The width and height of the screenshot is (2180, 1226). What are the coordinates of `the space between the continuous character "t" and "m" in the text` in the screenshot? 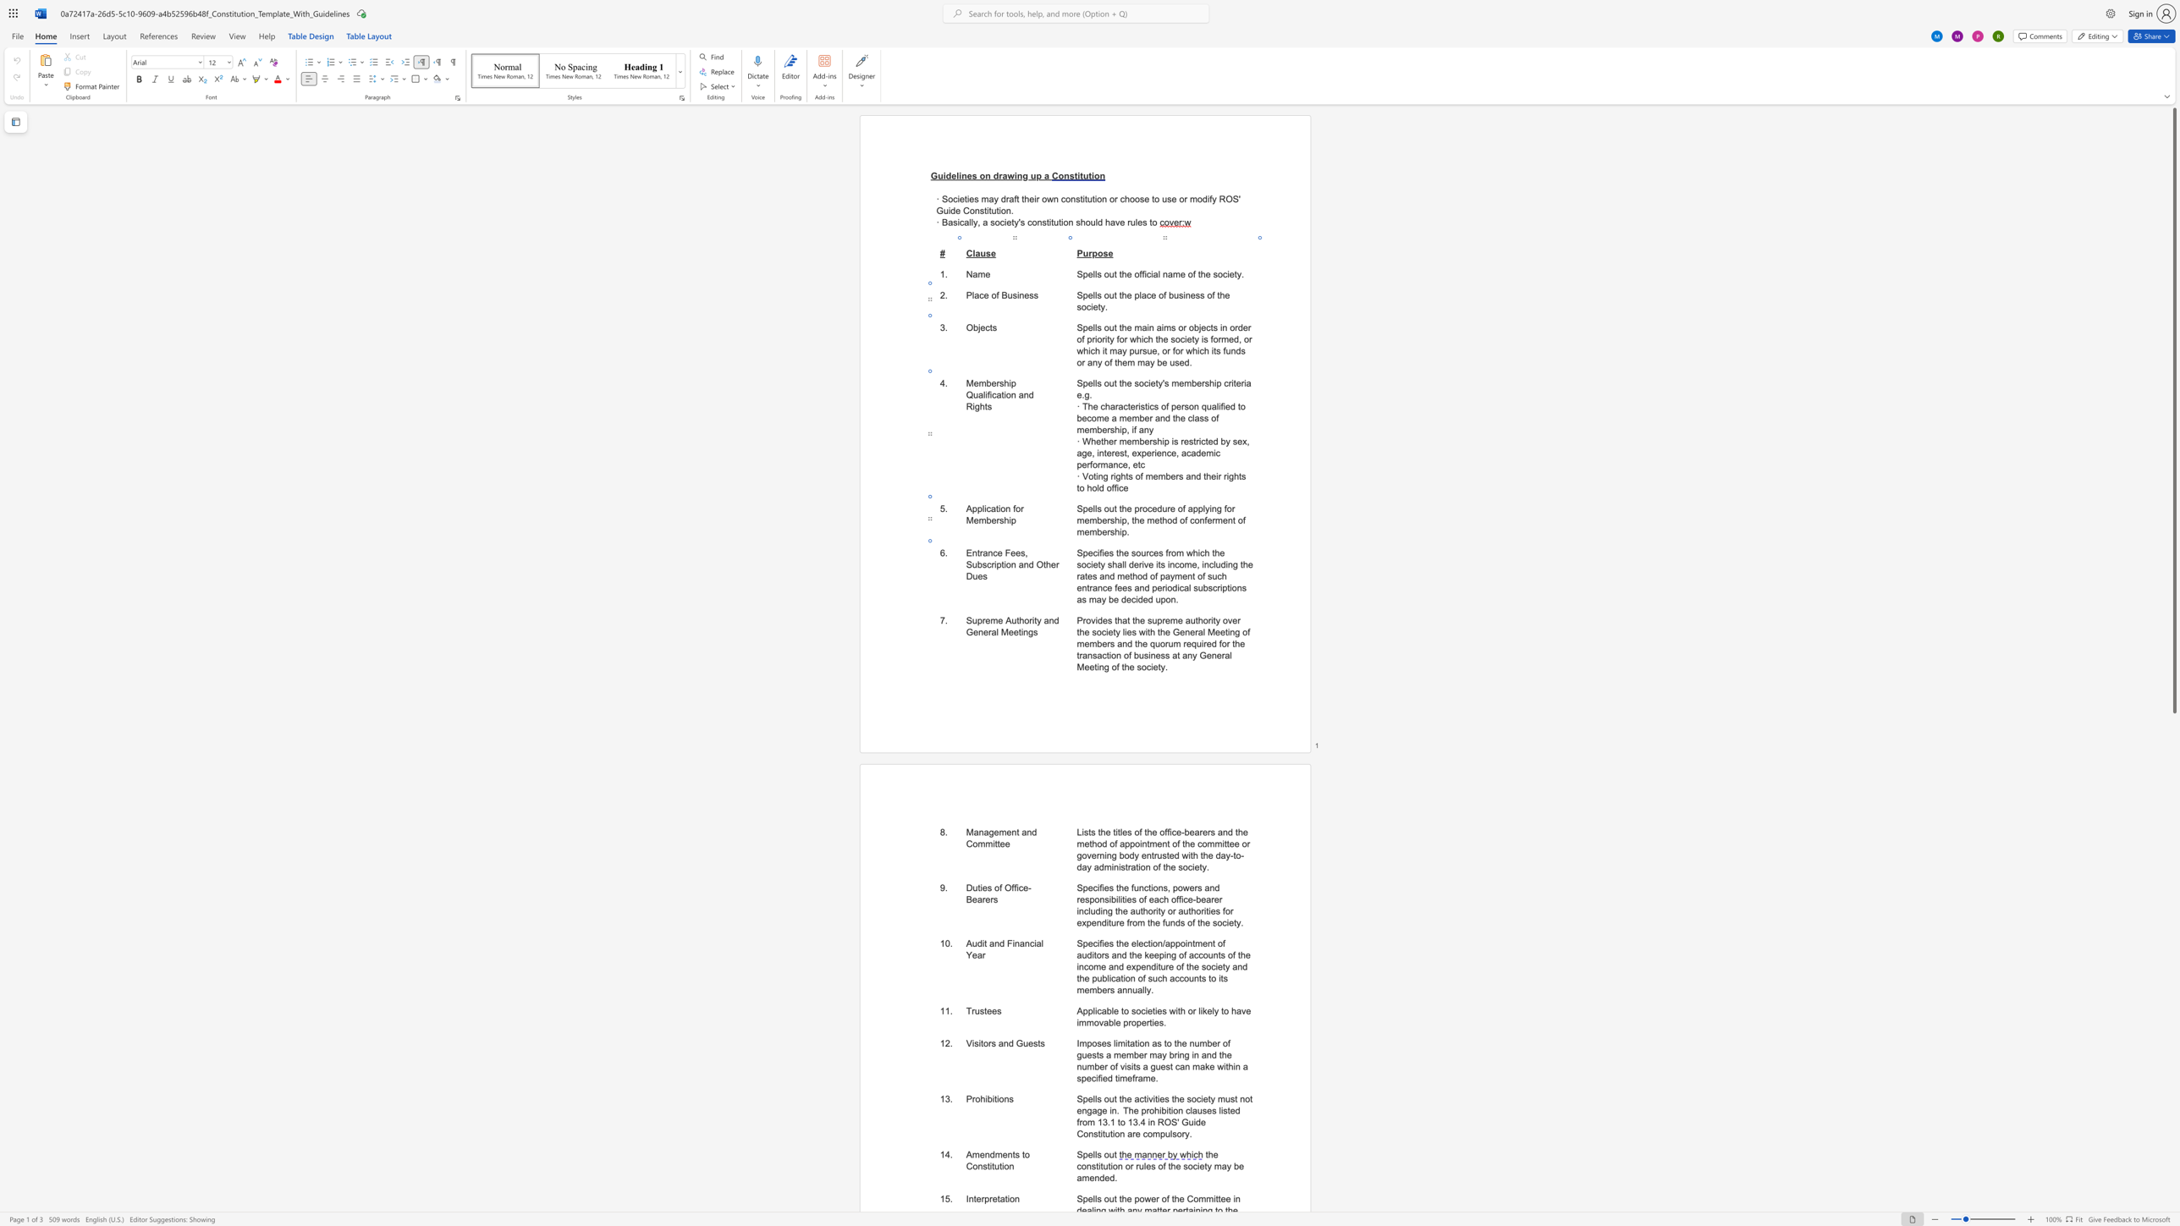 It's located at (1149, 843).